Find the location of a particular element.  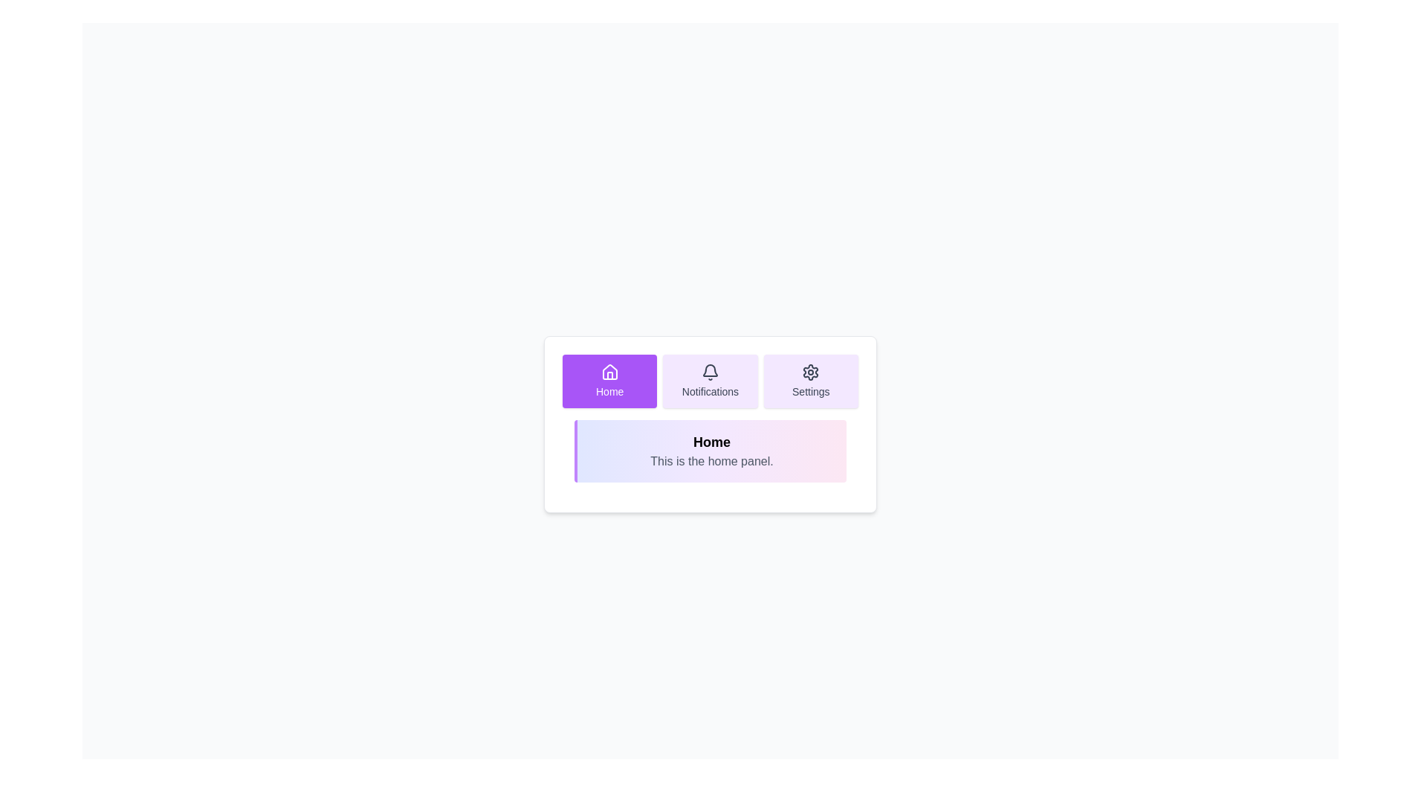

the settings icon, which is the third button in a horizontal arrangement at the top-right corner of a group of buttons is located at coordinates (810, 372).